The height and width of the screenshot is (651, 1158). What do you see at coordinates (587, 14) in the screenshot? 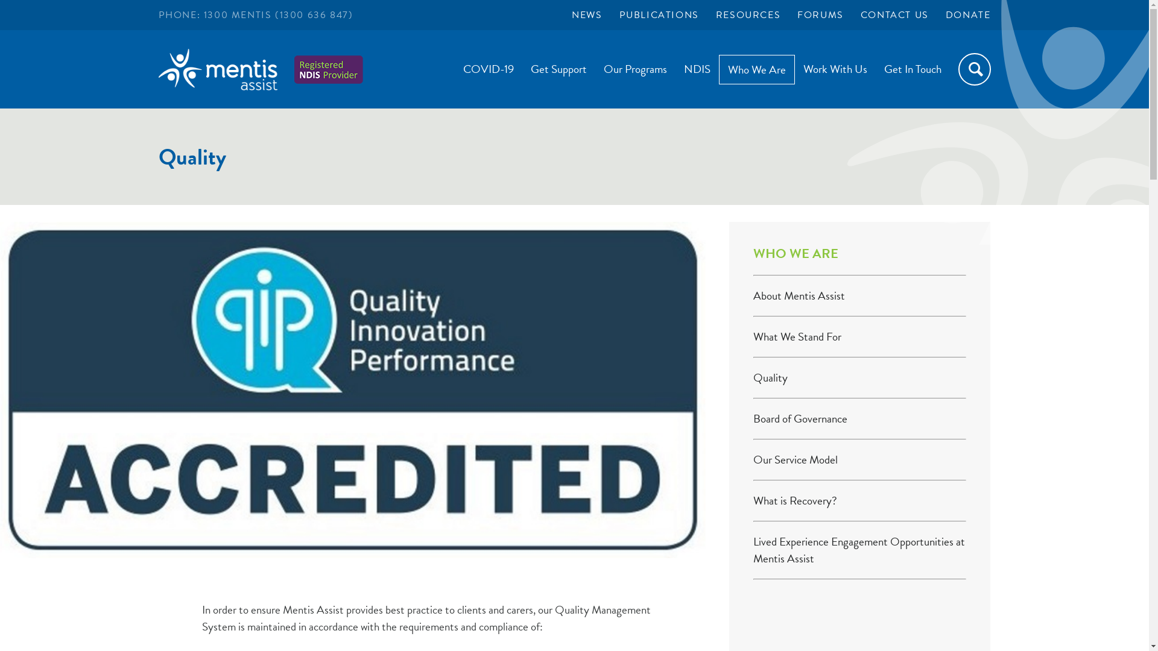
I see `'NEWS'` at bounding box center [587, 14].